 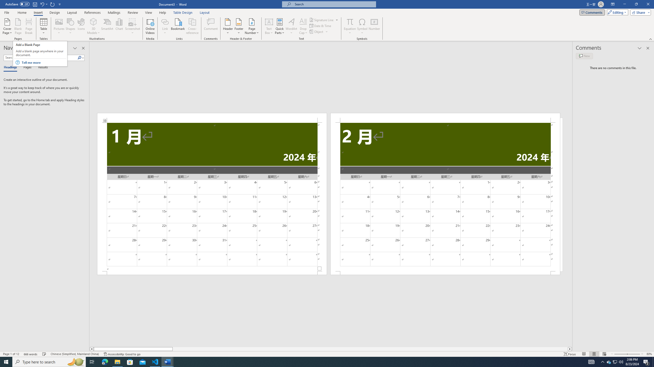 I want to click on 'Shapes', so click(x=71, y=26).